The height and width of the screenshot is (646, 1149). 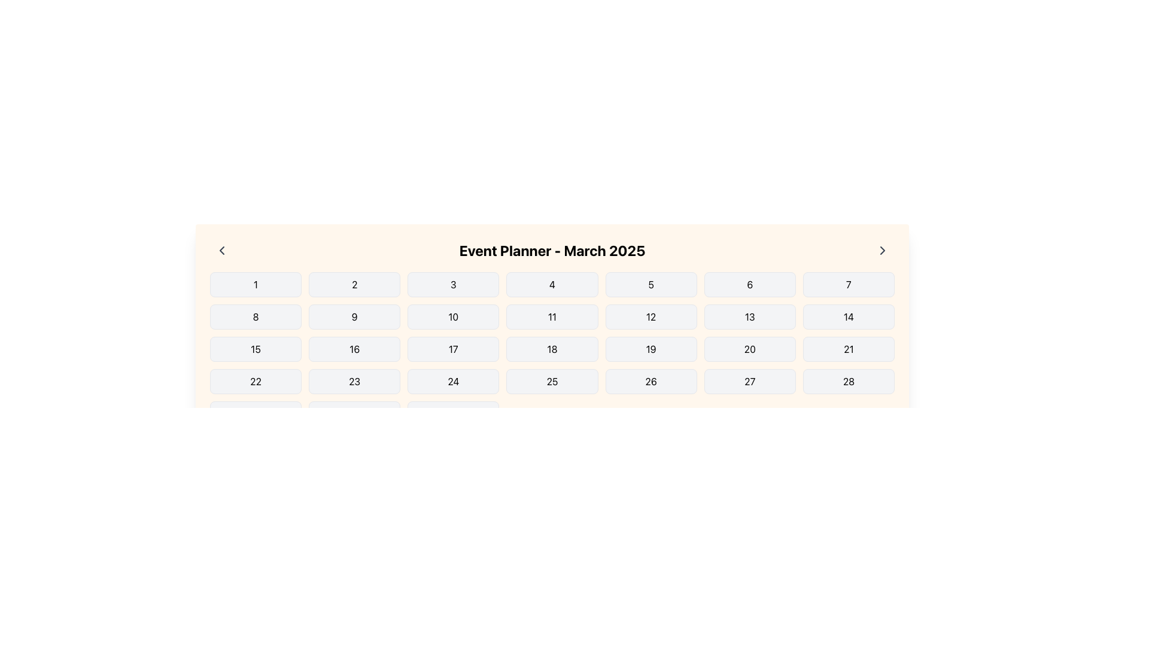 I want to click on the button representing the 16th day in the calendar grid of 'Event Planner - March 2025', so click(x=354, y=349).